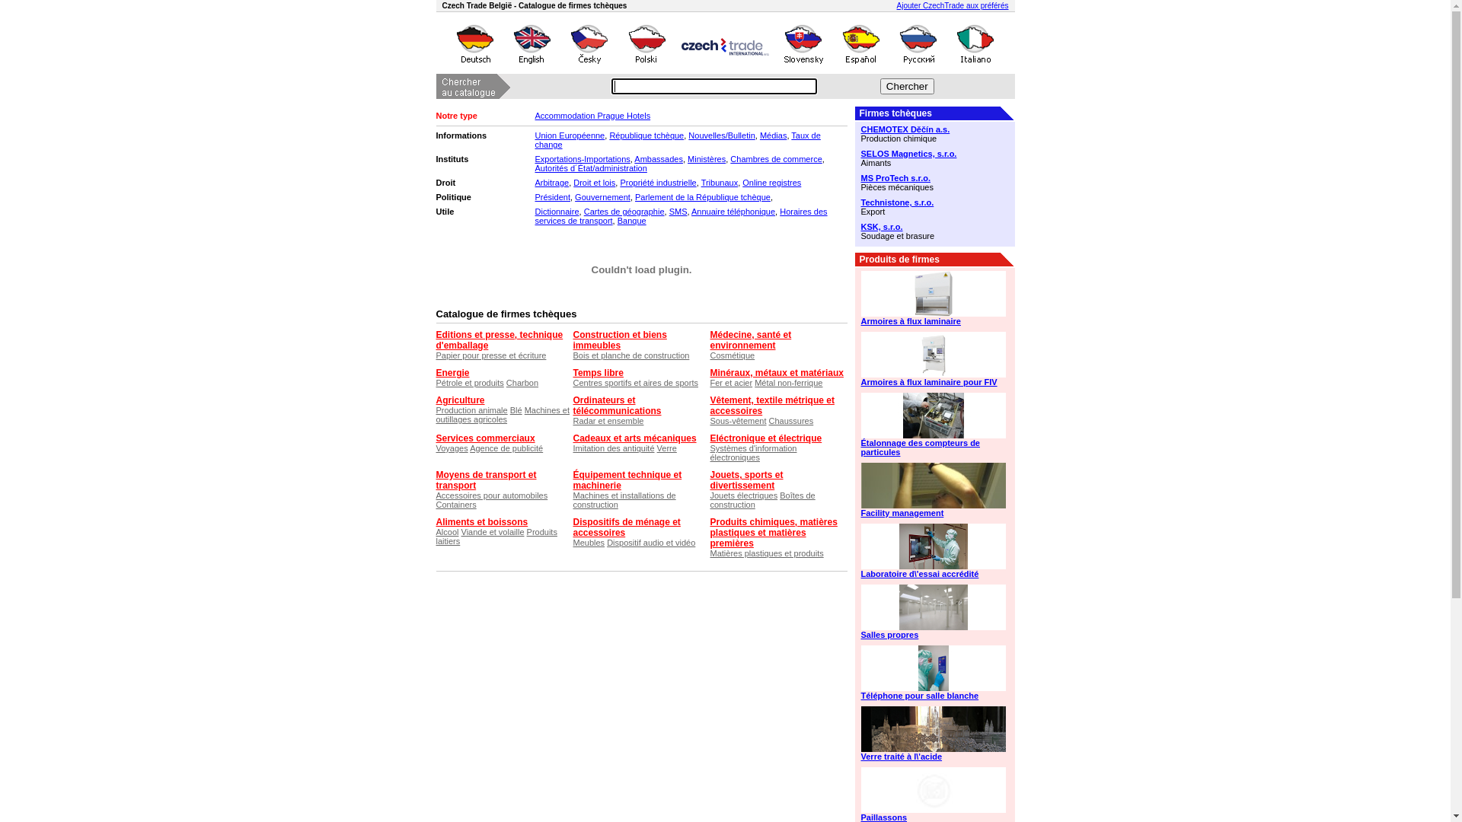 The height and width of the screenshot is (822, 1462). What do you see at coordinates (572, 542) in the screenshot?
I see `'Meubles'` at bounding box center [572, 542].